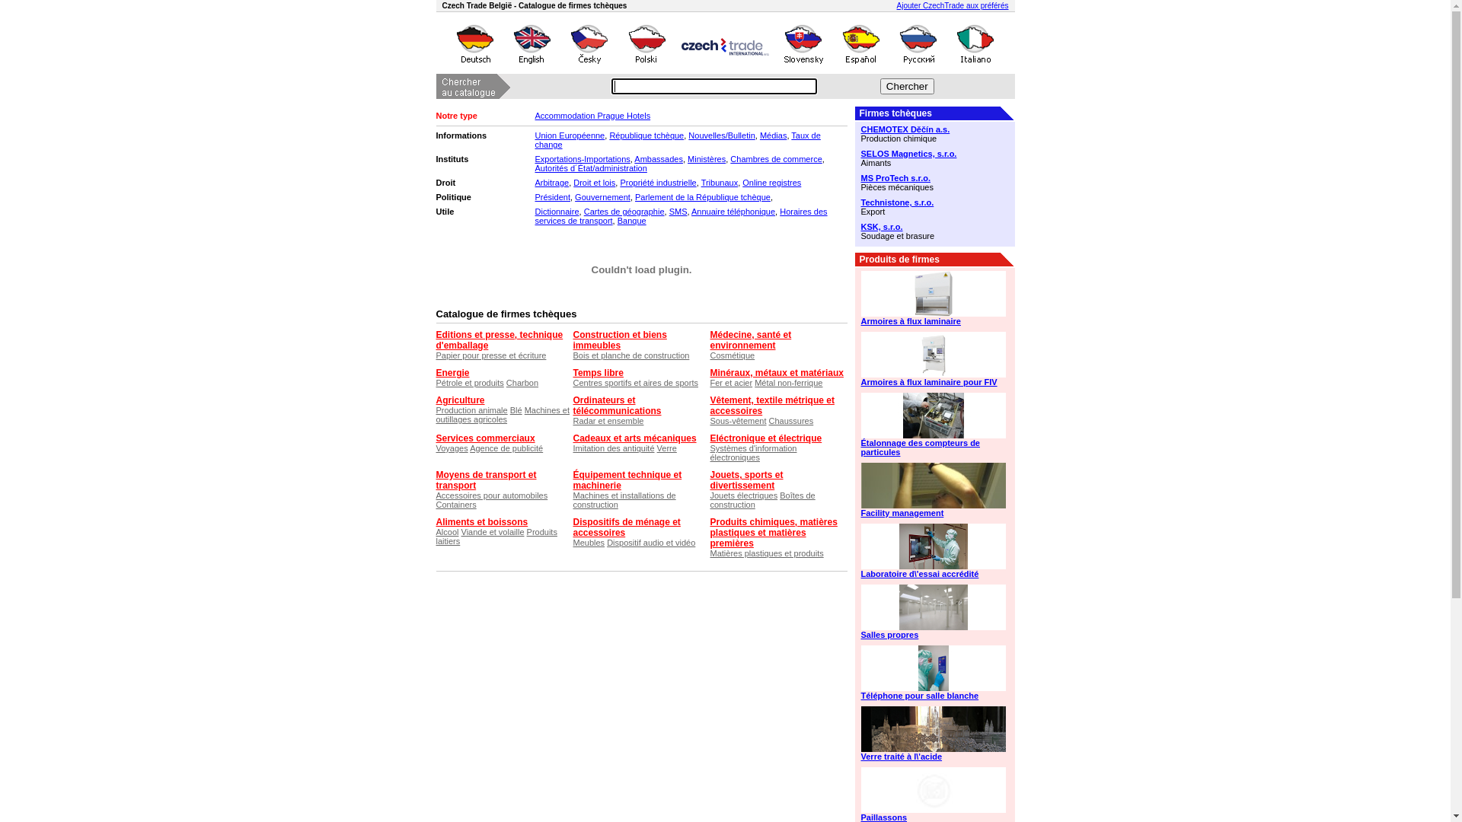 The height and width of the screenshot is (822, 1462). What do you see at coordinates (572, 542) in the screenshot?
I see `'Meubles'` at bounding box center [572, 542].